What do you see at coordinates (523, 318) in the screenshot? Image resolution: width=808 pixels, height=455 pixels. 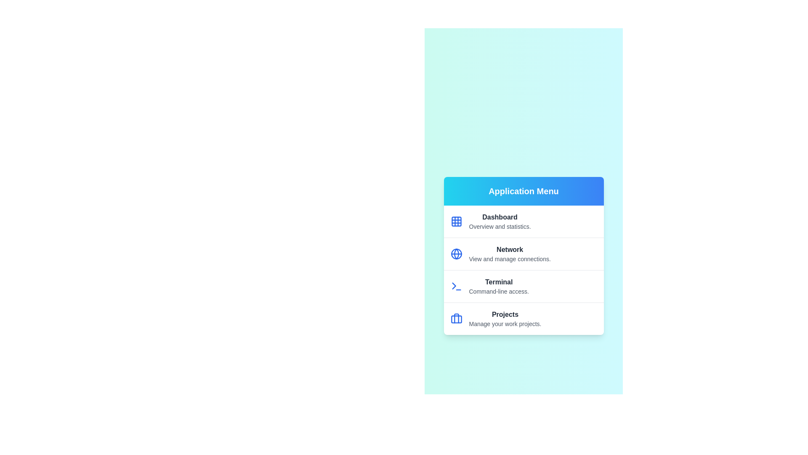 I see `the menu item corresponding to Projects` at bounding box center [523, 318].